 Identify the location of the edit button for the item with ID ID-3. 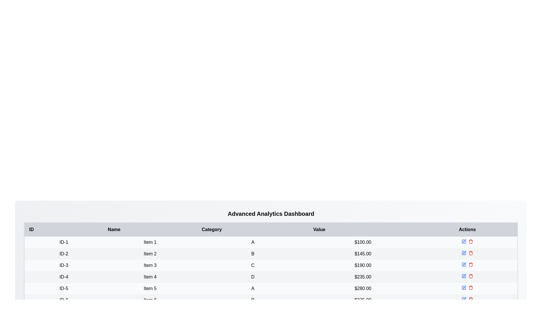
(464, 264).